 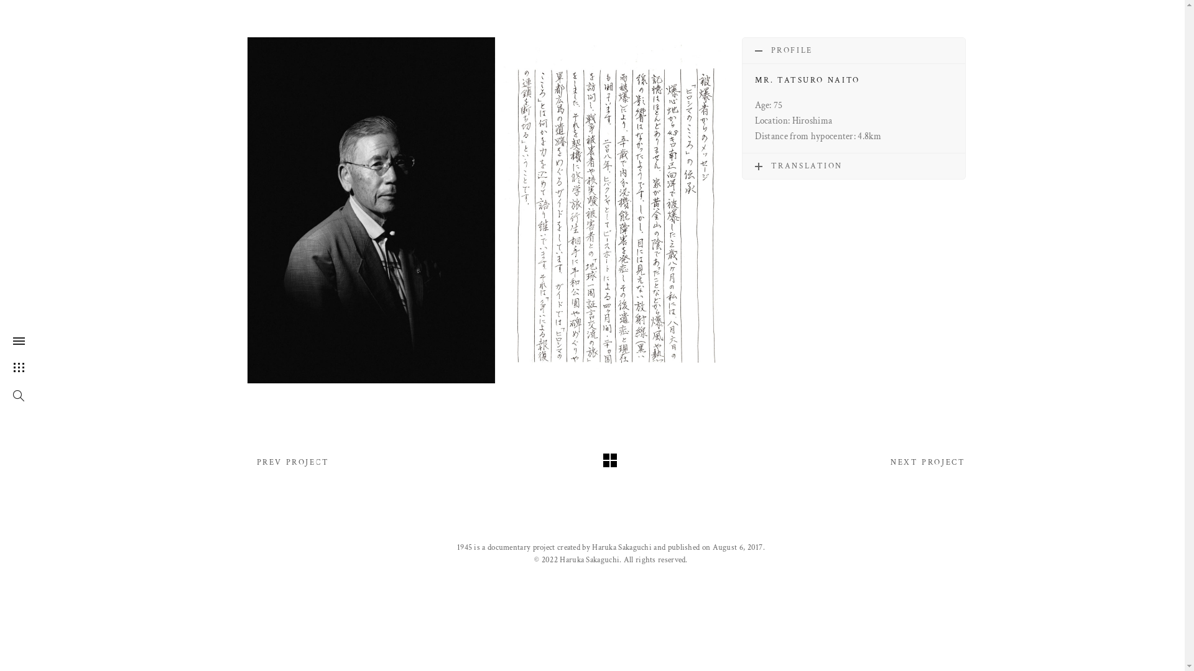 I want to click on 'TRANSLATION', so click(x=853, y=165).